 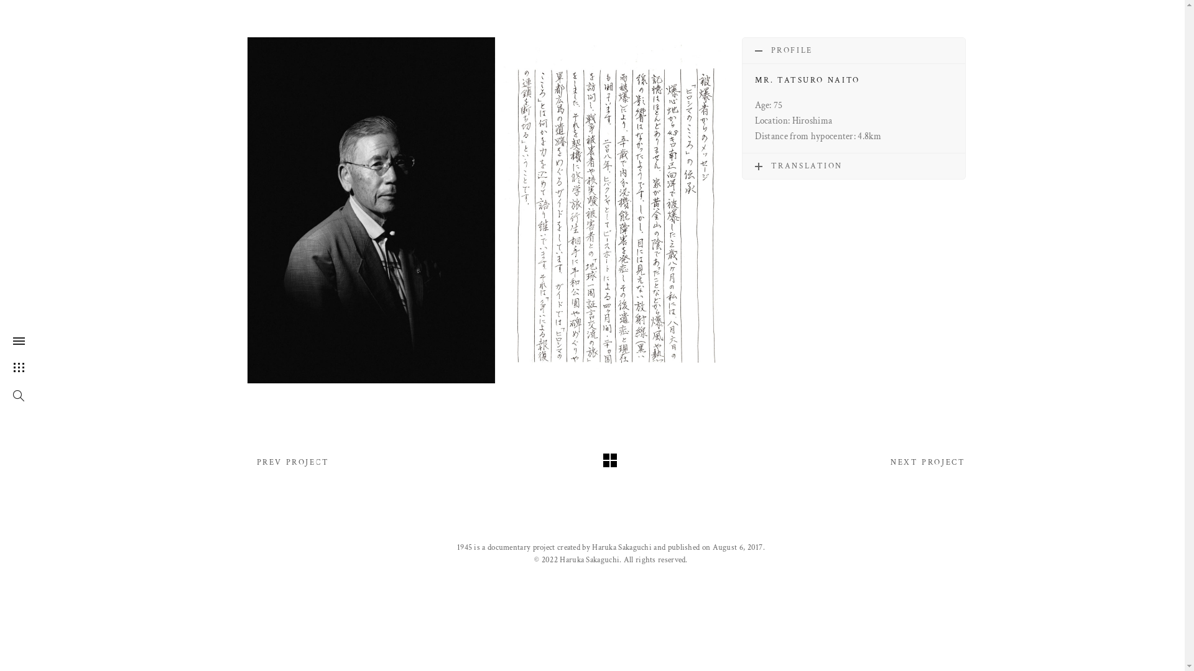 I want to click on 'TRANSLATION', so click(x=853, y=165).